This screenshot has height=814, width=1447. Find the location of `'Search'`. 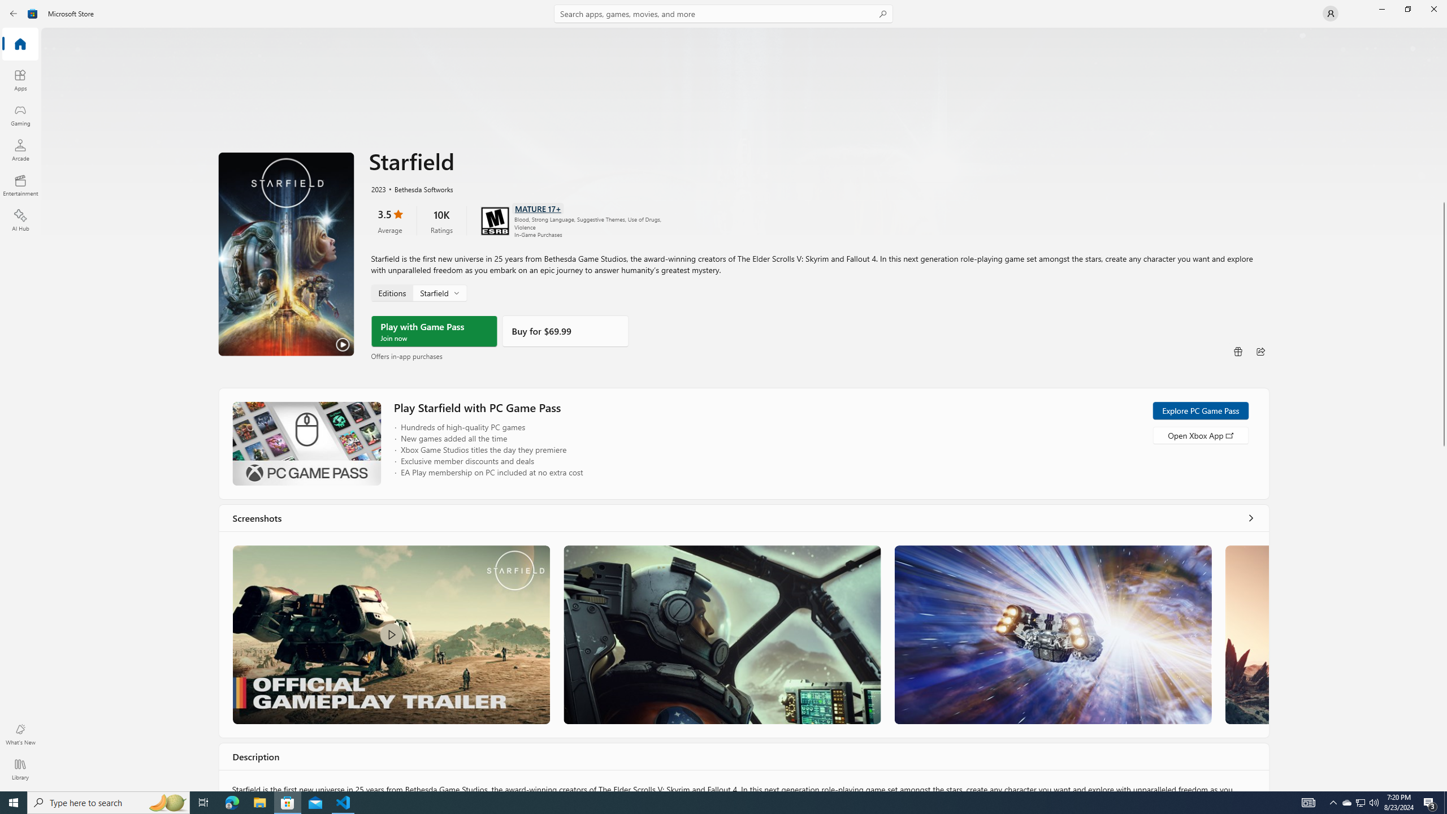

'Search' is located at coordinates (723, 13).